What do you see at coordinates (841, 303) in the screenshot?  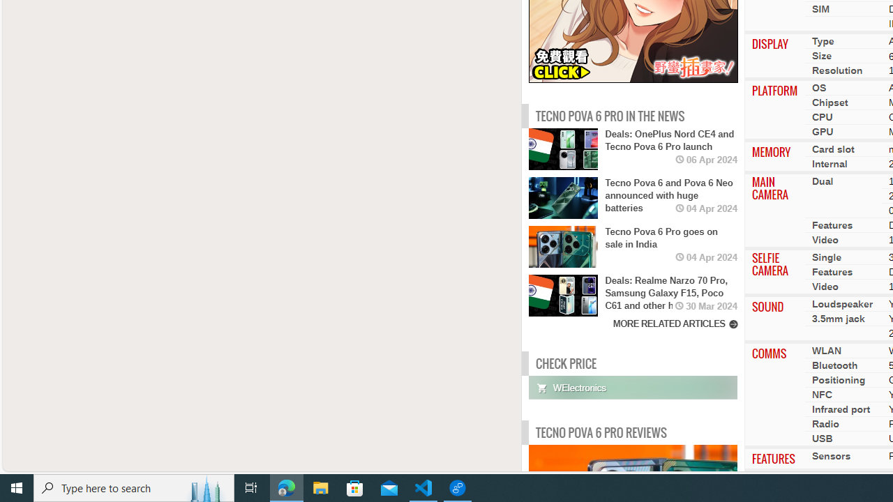 I see `'Loudspeaker'` at bounding box center [841, 303].